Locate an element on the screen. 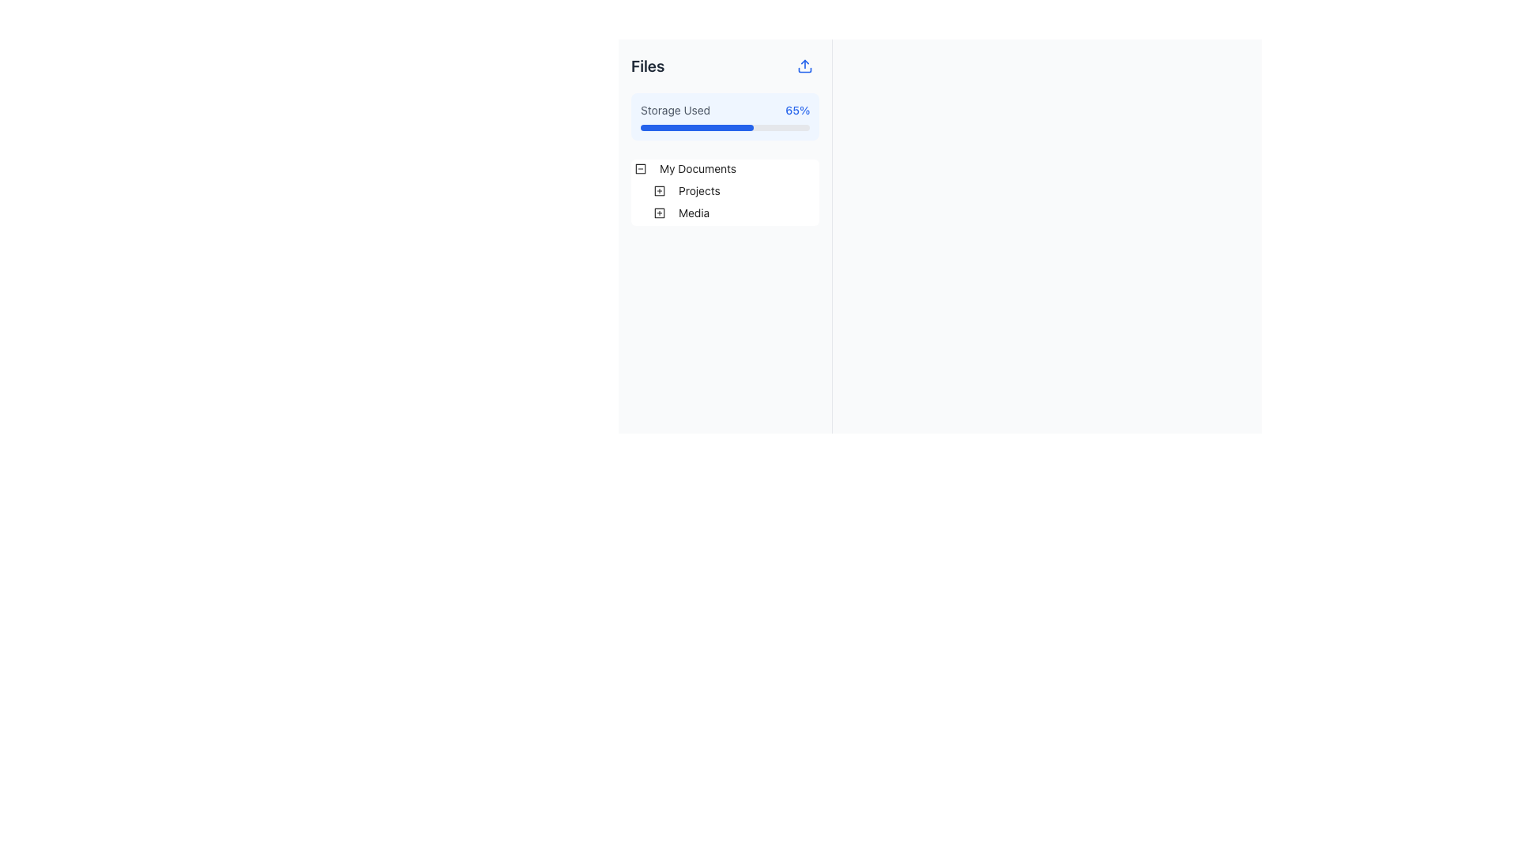 This screenshot has width=1517, height=853. the progress bar segment that indicates the storage used, located under the 'Storage Used' label and beside the '65%' text display is located at coordinates (696, 127).